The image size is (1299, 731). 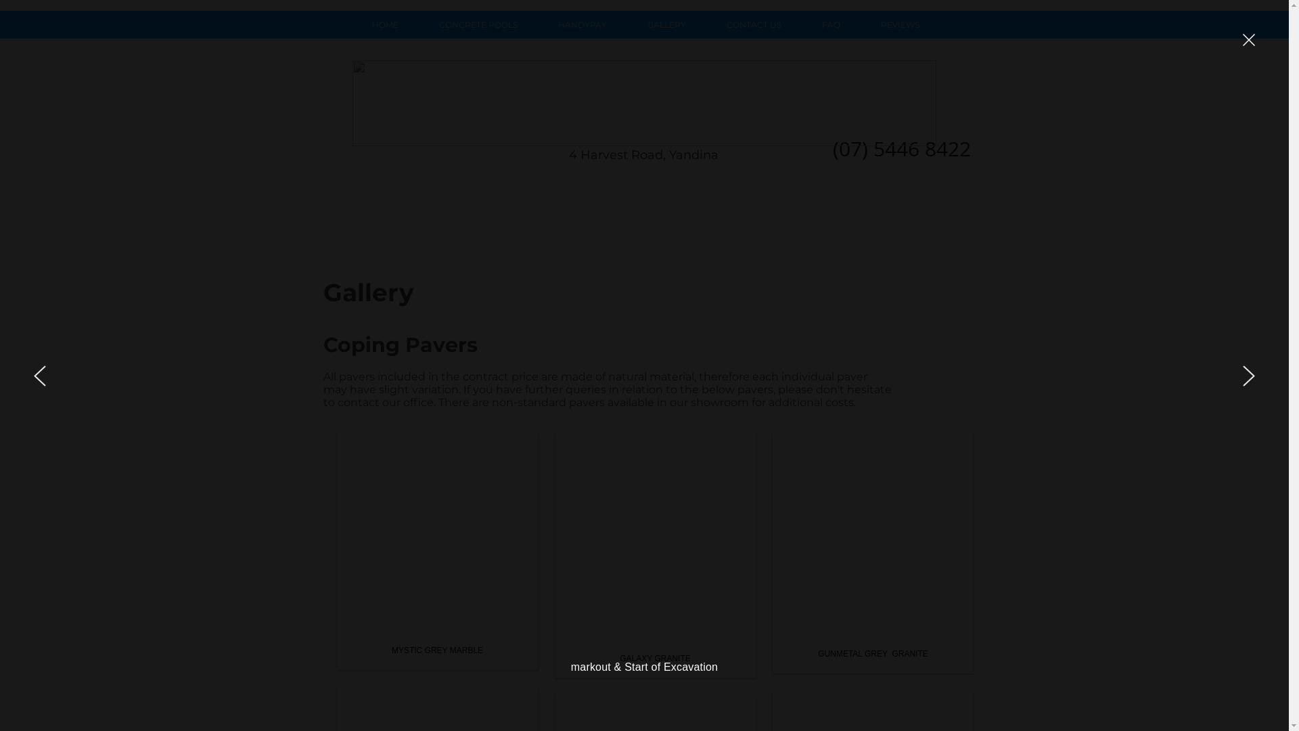 I want to click on 'CONCRETE POOLS', so click(x=477, y=24).